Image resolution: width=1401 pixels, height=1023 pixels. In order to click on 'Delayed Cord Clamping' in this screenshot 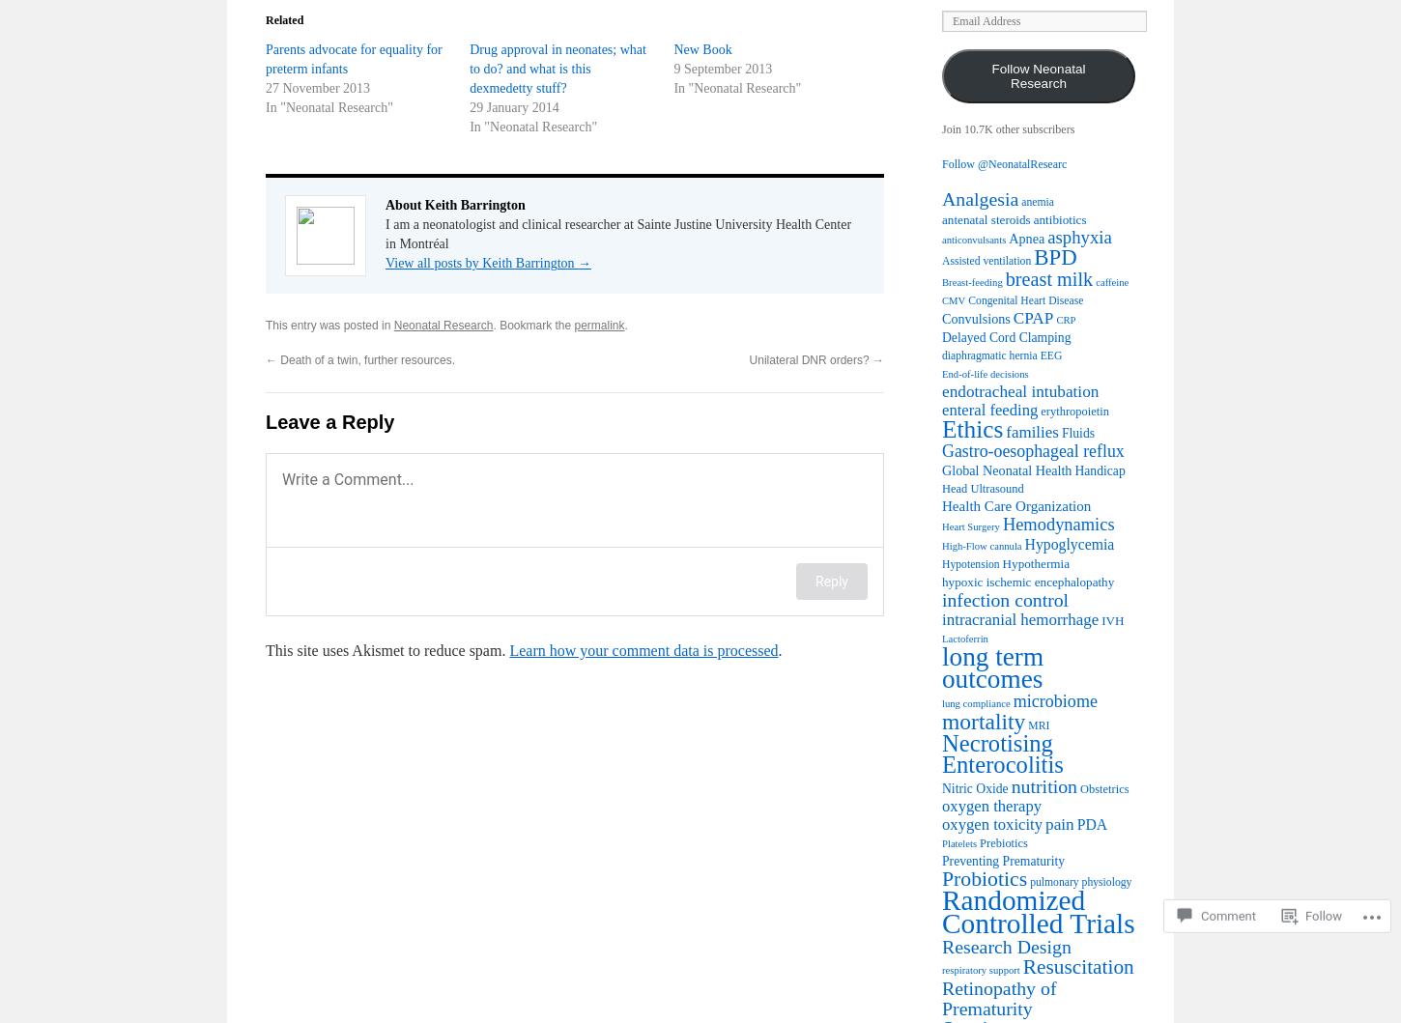, I will do `click(941, 336)`.